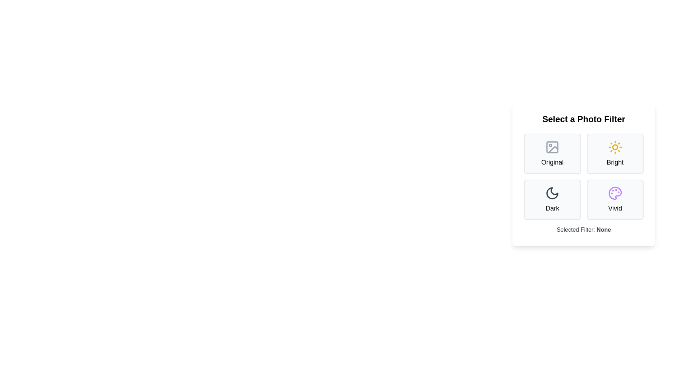 This screenshot has height=388, width=690. What do you see at coordinates (615, 153) in the screenshot?
I see `the filter Bright by clicking on its button` at bounding box center [615, 153].